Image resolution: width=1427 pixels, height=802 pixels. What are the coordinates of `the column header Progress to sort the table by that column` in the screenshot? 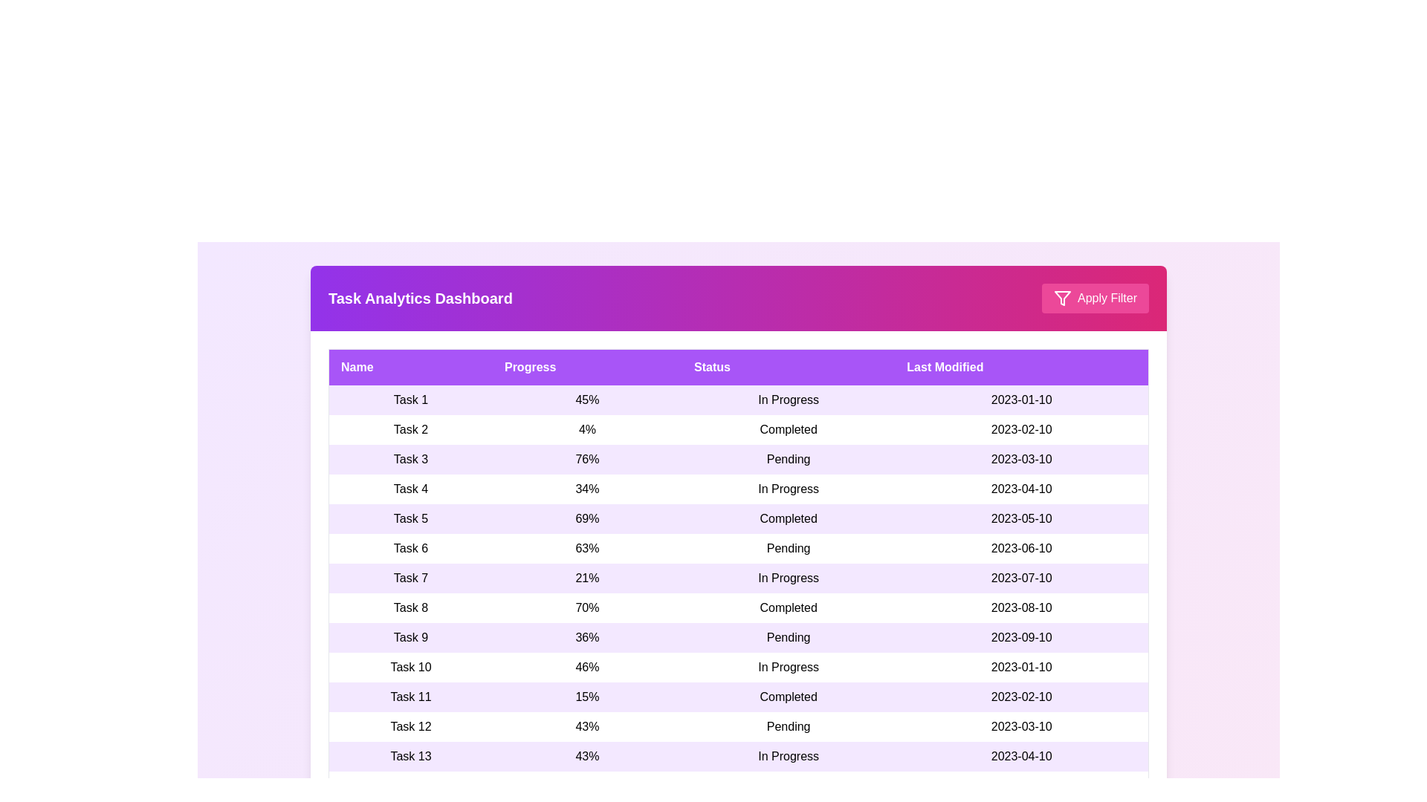 It's located at (586, 367).